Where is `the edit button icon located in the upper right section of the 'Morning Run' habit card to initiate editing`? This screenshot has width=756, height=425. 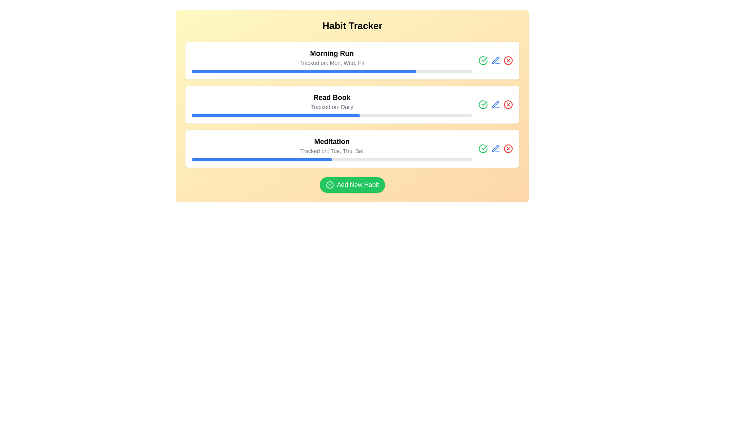
the edit button icon located in the upper right section of the 'Morning Run' habit card to initiate editing is located at coordinates (495, 60).